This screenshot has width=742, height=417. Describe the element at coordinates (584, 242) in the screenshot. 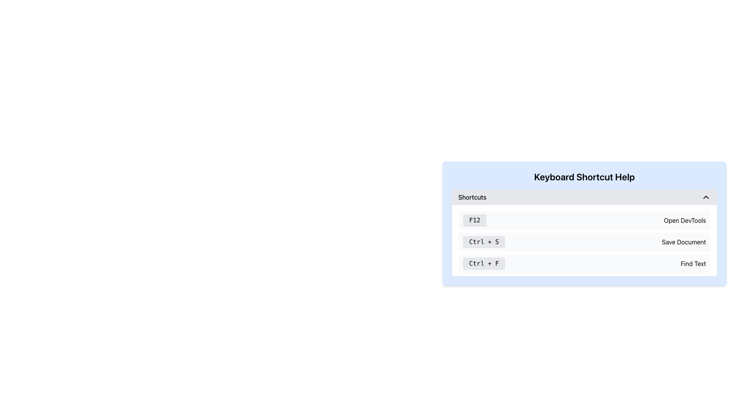

I see `keyboard shortcut 'Ctrl + S' and its associated action 'Save Document' from the second entry in the list of keyboard shortcuts, which is visually represented with a light gray background and a rounded rectangle for the shortcut` at that location.